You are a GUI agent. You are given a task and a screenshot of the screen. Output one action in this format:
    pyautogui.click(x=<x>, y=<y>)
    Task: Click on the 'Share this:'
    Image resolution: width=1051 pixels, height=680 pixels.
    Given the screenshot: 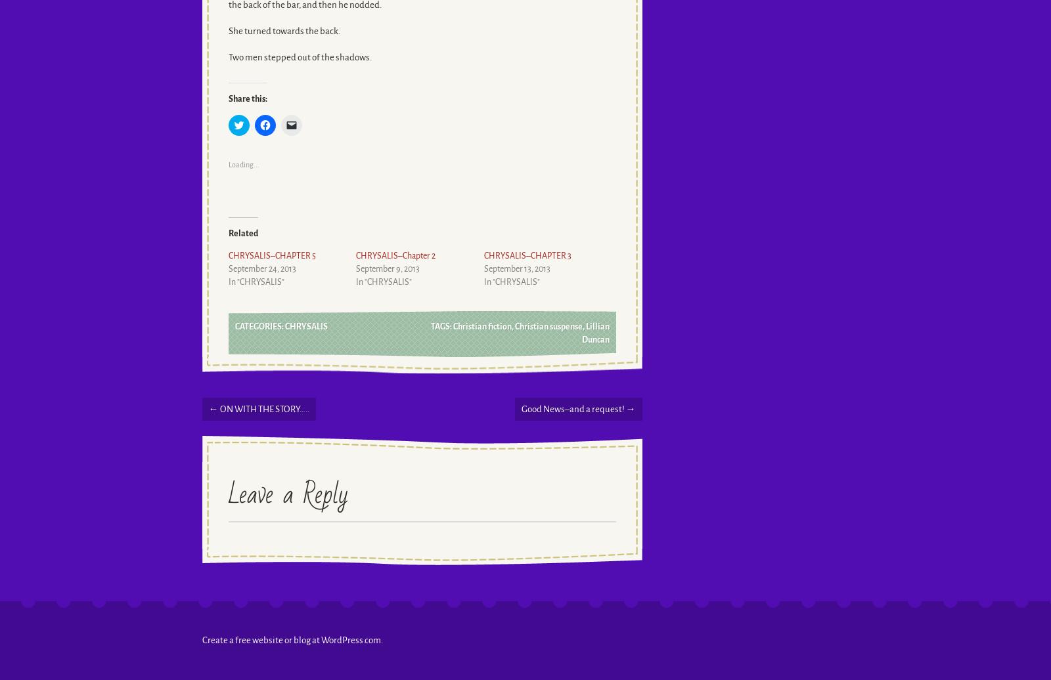 What is the action you would take?
    pyautogui.click(x=228, y=98)
    